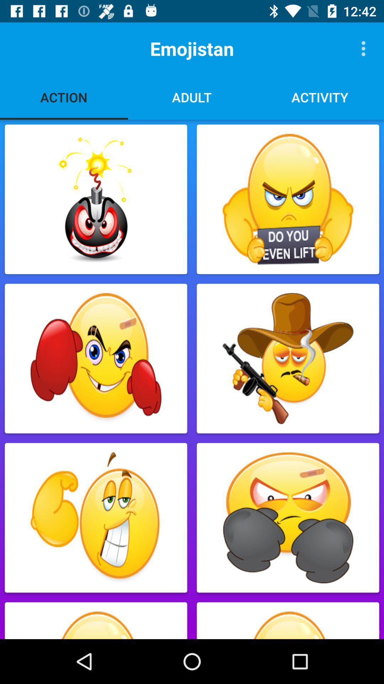  I want to click on the 2nd emoji image in 2nd row below activity, so click(288, 359).